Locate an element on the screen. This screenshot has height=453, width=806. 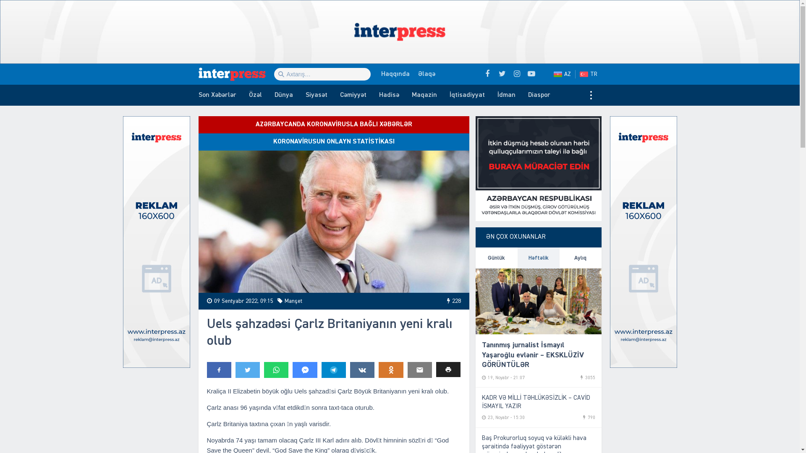
'AZ' is located at coordinates (562, 74).